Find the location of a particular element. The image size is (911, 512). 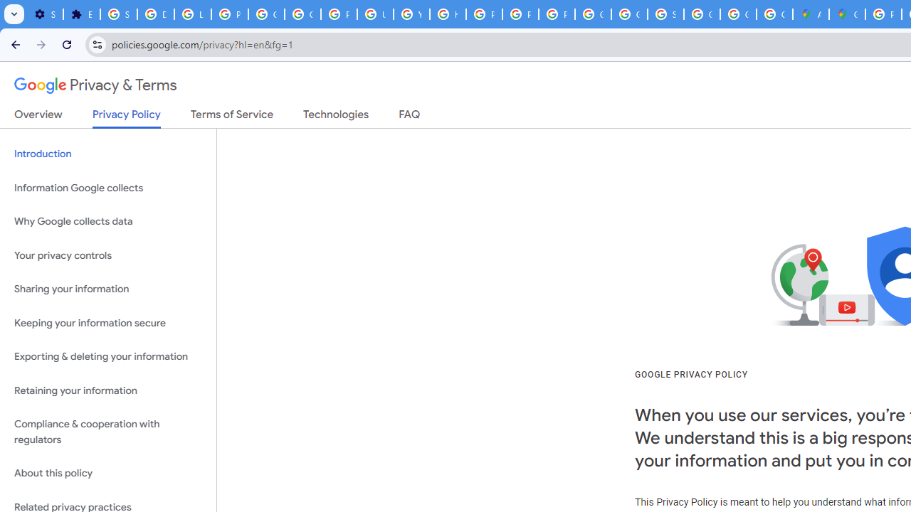

'Technologies' is located at coordinates (335, 117).